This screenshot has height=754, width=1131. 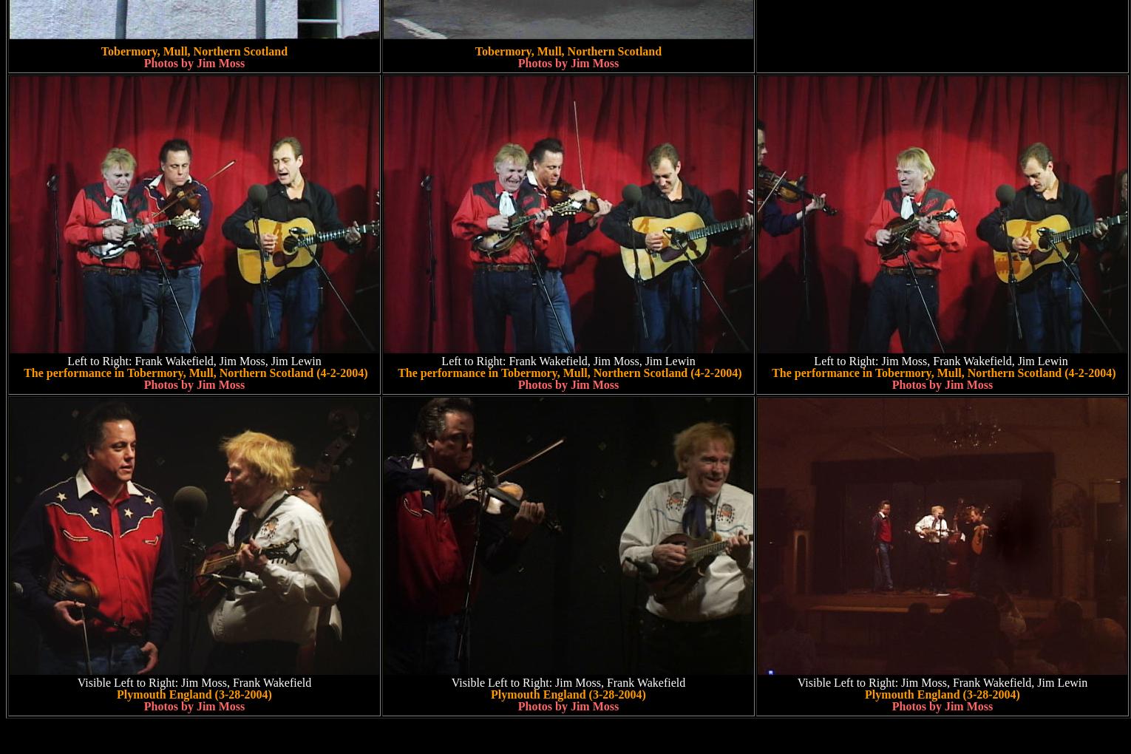 I want to click on 'Plymouth
            England (3-28-2004)', so click(x=568, y=693).